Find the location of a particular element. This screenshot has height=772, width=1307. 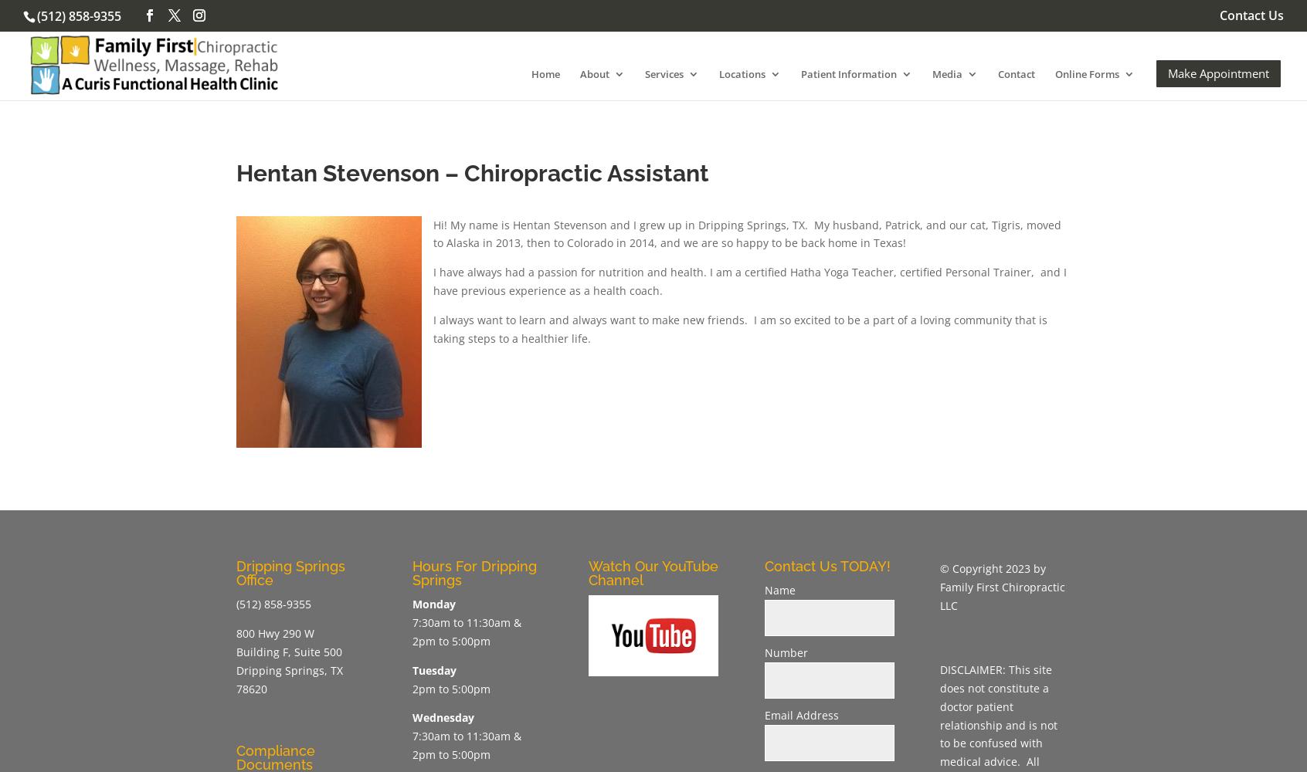

'2pm to 5:00pm' is located at coordinates (450, 688).